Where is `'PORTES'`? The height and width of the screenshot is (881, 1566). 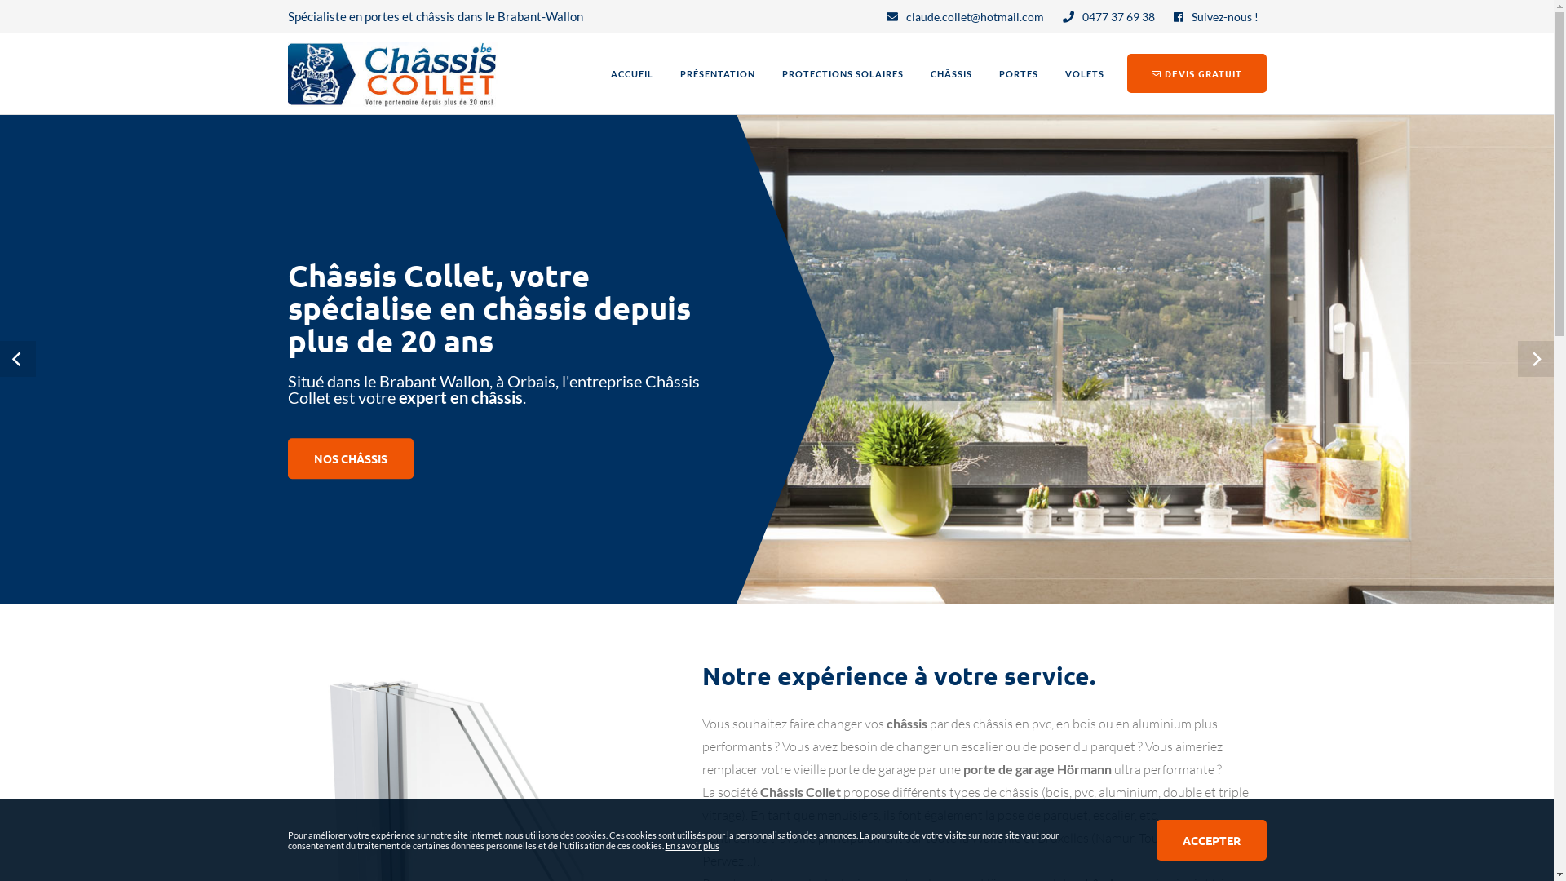 'PORTES' is located at coordinates (1017, 74).